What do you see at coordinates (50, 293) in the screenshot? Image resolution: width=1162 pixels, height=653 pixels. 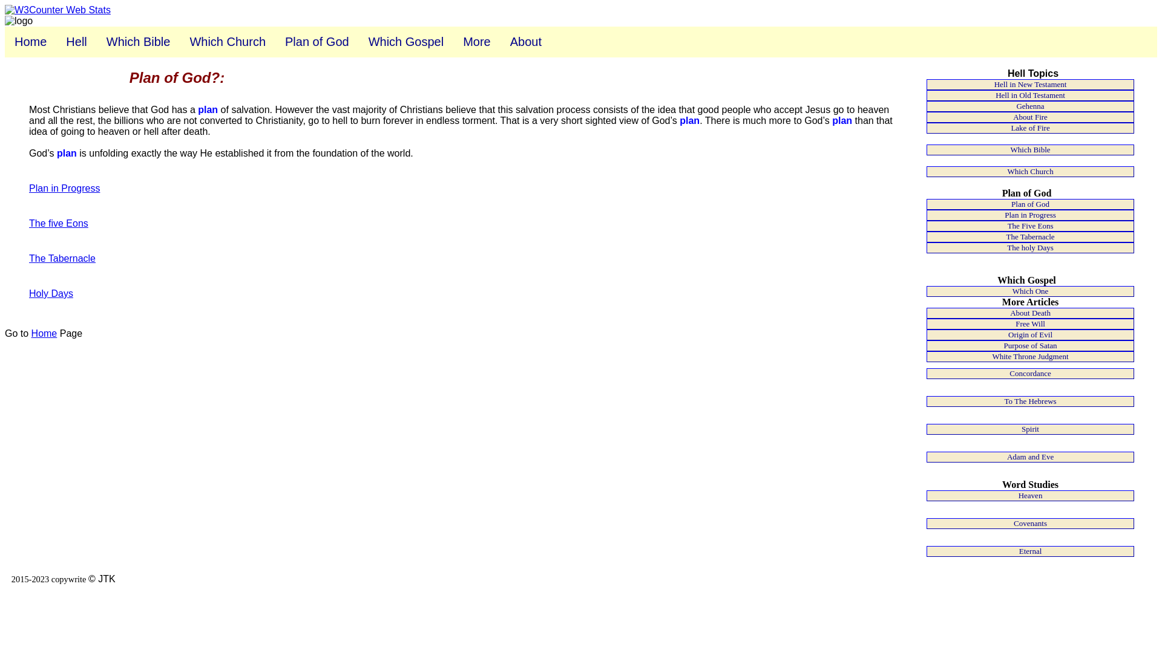 I see `'Holy Days'` at bounding box center [50, 293].